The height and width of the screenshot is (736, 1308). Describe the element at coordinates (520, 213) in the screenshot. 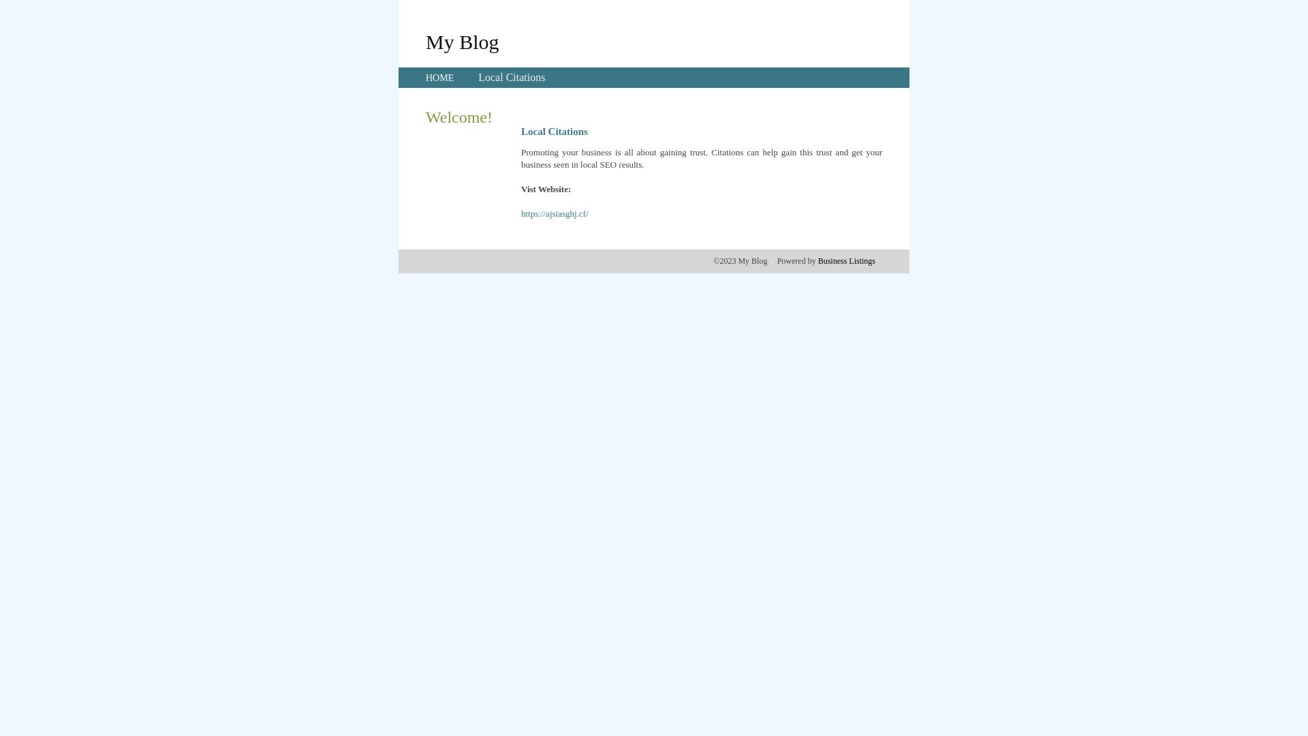

I see `'https://ajsiasghj.cf/'` at that location.